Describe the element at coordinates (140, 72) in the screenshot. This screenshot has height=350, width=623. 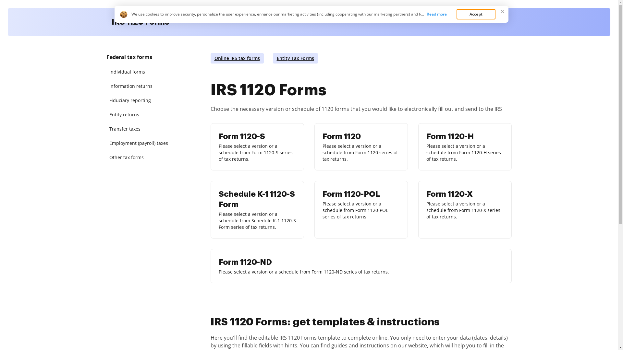
I see `'Individual forms'` at that location.